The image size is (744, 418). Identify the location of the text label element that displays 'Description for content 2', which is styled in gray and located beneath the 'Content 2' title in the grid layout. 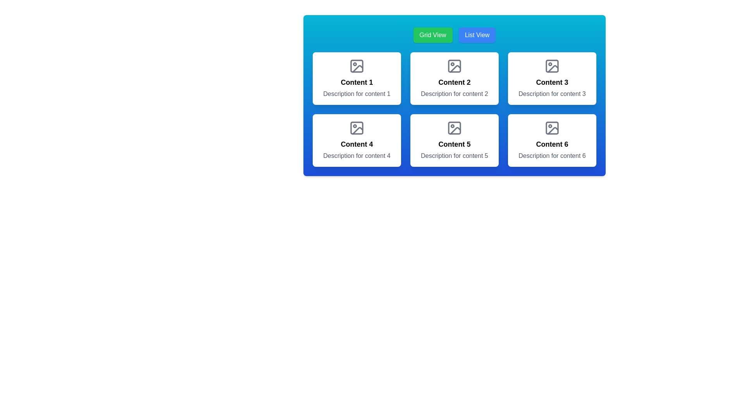
(454, 94).